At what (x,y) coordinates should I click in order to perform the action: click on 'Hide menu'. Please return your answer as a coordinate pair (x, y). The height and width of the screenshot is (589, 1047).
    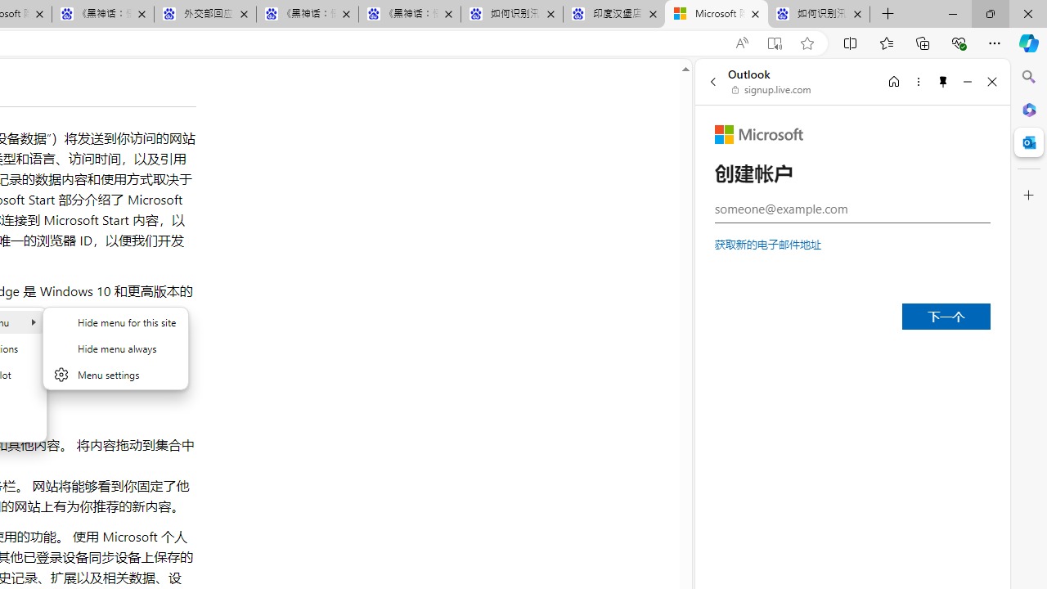
    Looking at the image, I should click on (115, 347).